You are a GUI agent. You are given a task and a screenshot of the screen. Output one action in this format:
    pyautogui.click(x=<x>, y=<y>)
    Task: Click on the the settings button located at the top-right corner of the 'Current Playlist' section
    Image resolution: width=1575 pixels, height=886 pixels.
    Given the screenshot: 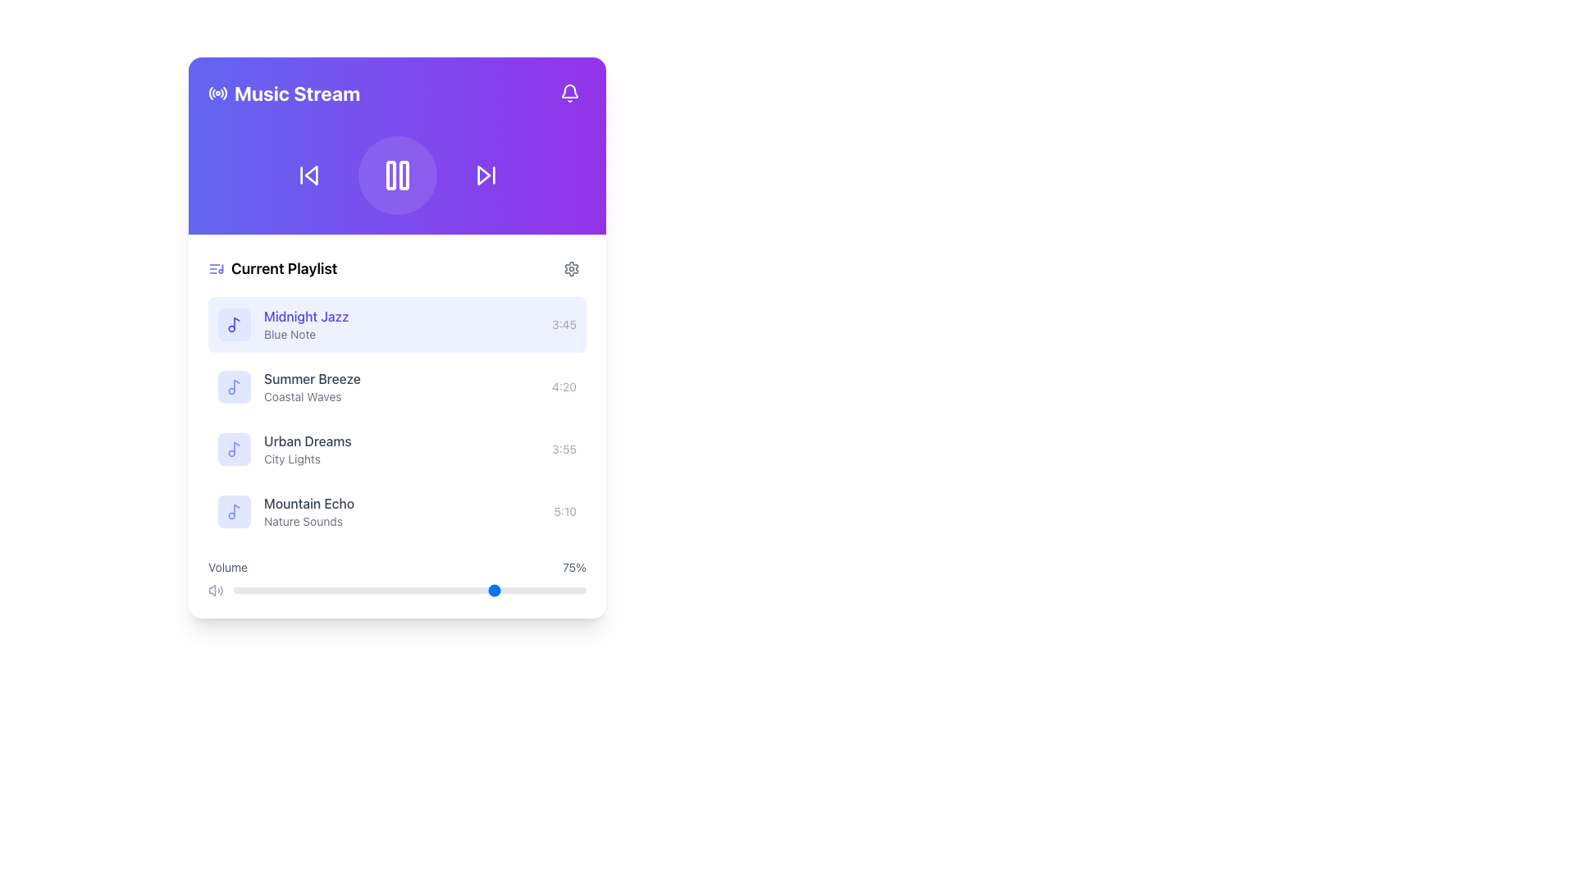 What is the action you would take?
    pyautogui.click(x=571, y=267)
    